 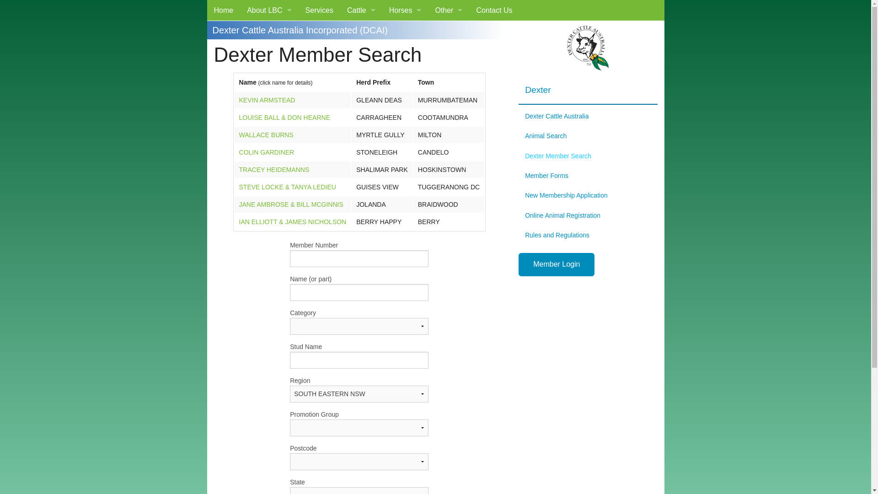 What do you see at coordinates (588, 155) in the screenshot?
I see `'Dexter Member Search'` at bounding box center [588, 155].